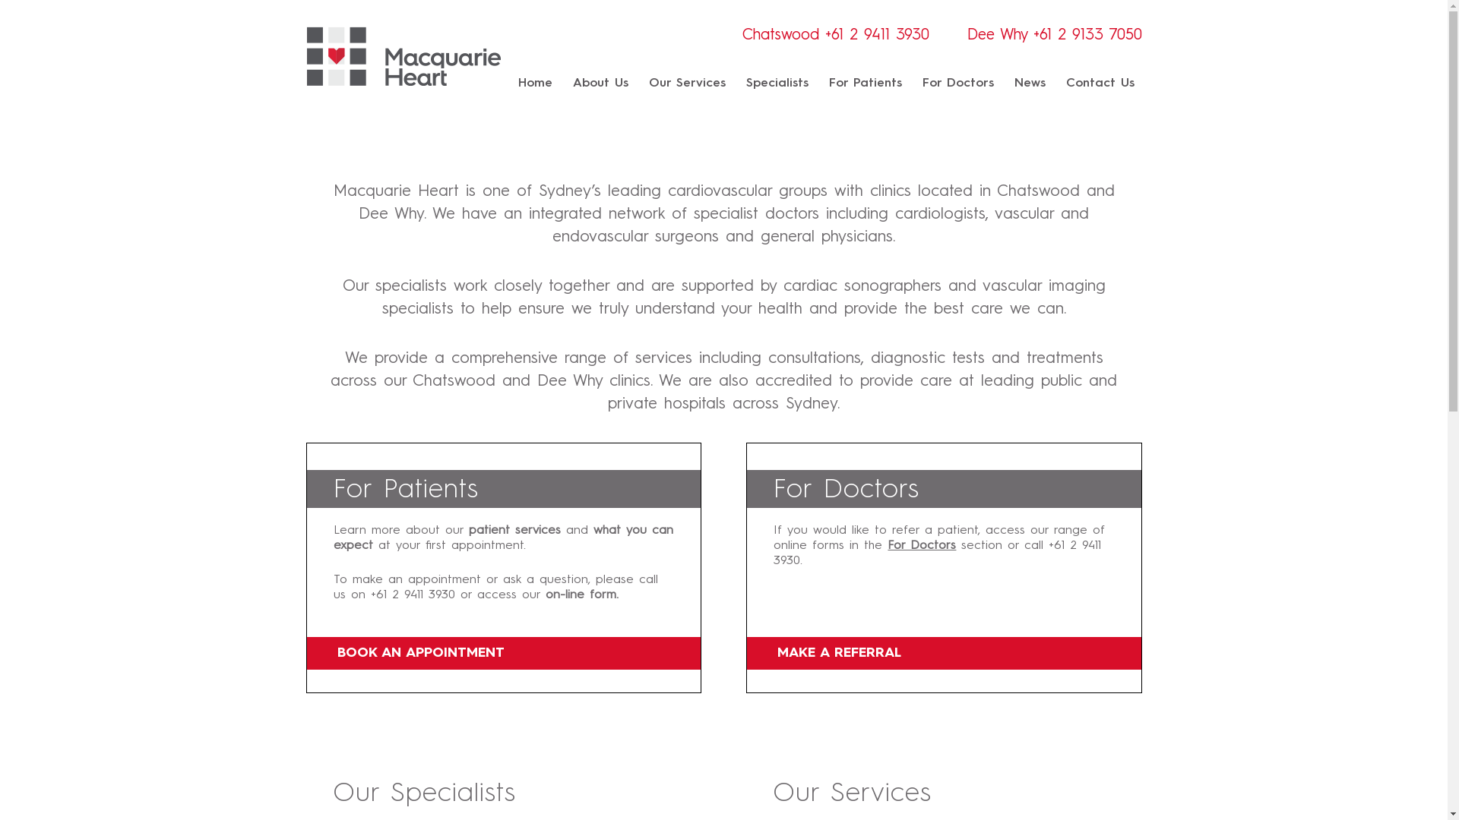 The image size is (1459, 820). Describe the element at coordinates (834, 35) in the screenshot. I see `'Chatswood +61 2 9411 3930'` at that location.